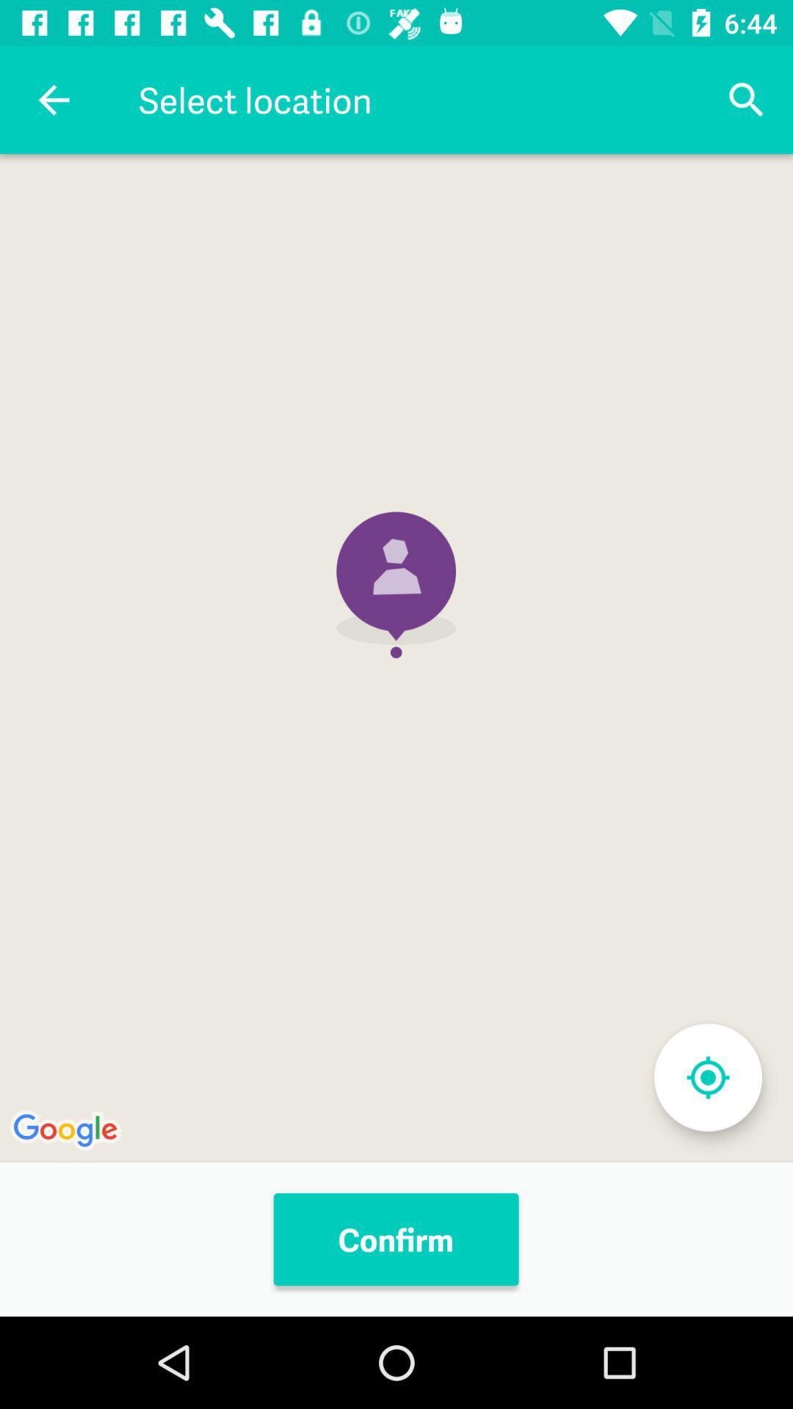 The height and width of the screenshot is (1409, 793). Describe the element at coordinates (53, 99) in the screenshot. I see `go back` at that location.